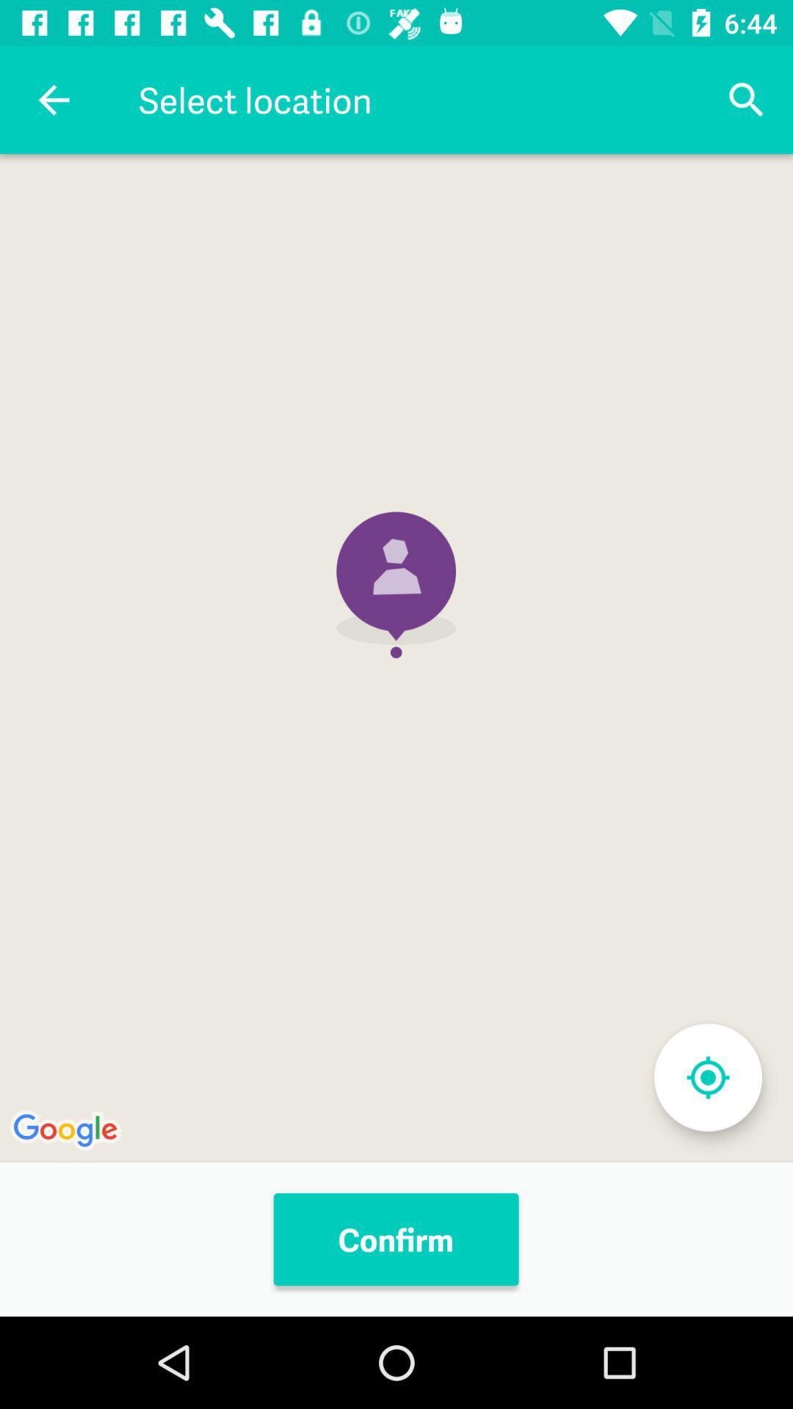 The height and width of the screenshot is (1409, 793). Describe the element at coordinates (53, 99) in the screenshot. I see `go back` at that location.